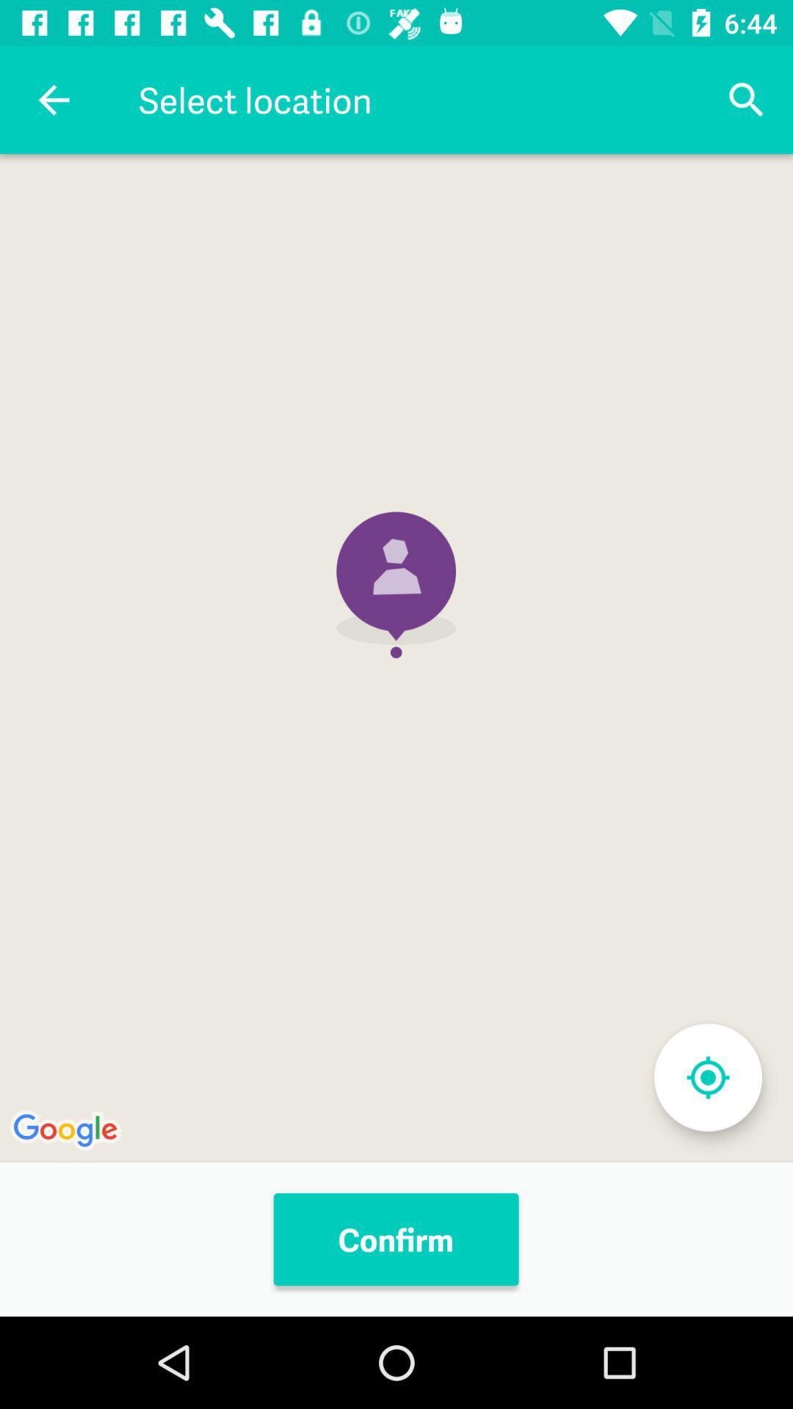 The height and width of the screenshot is (1409, 793). Describe the element at coordinates (53, 99) in the screenshot. I see `go back` at that location.